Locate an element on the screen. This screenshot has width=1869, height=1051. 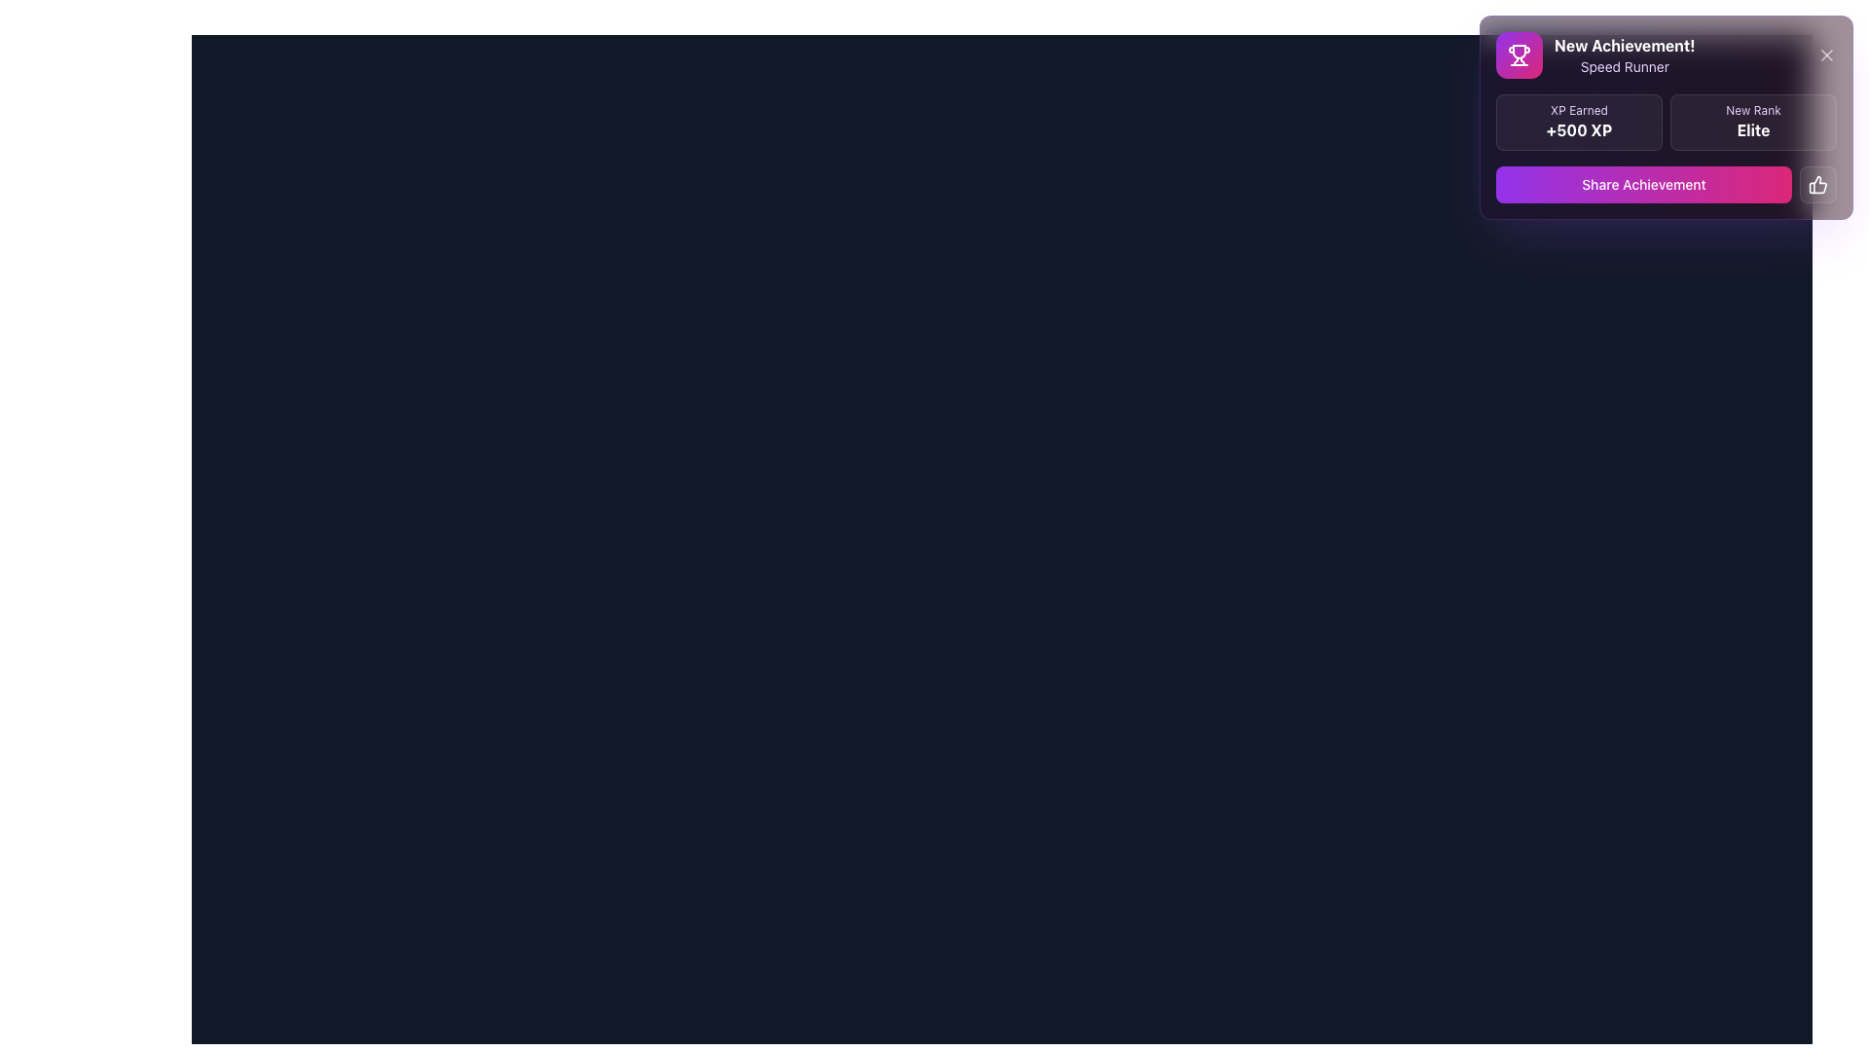
the close button icon (an 'X') in the top-right corner of the notification card is located at coordinates (1825, 54).